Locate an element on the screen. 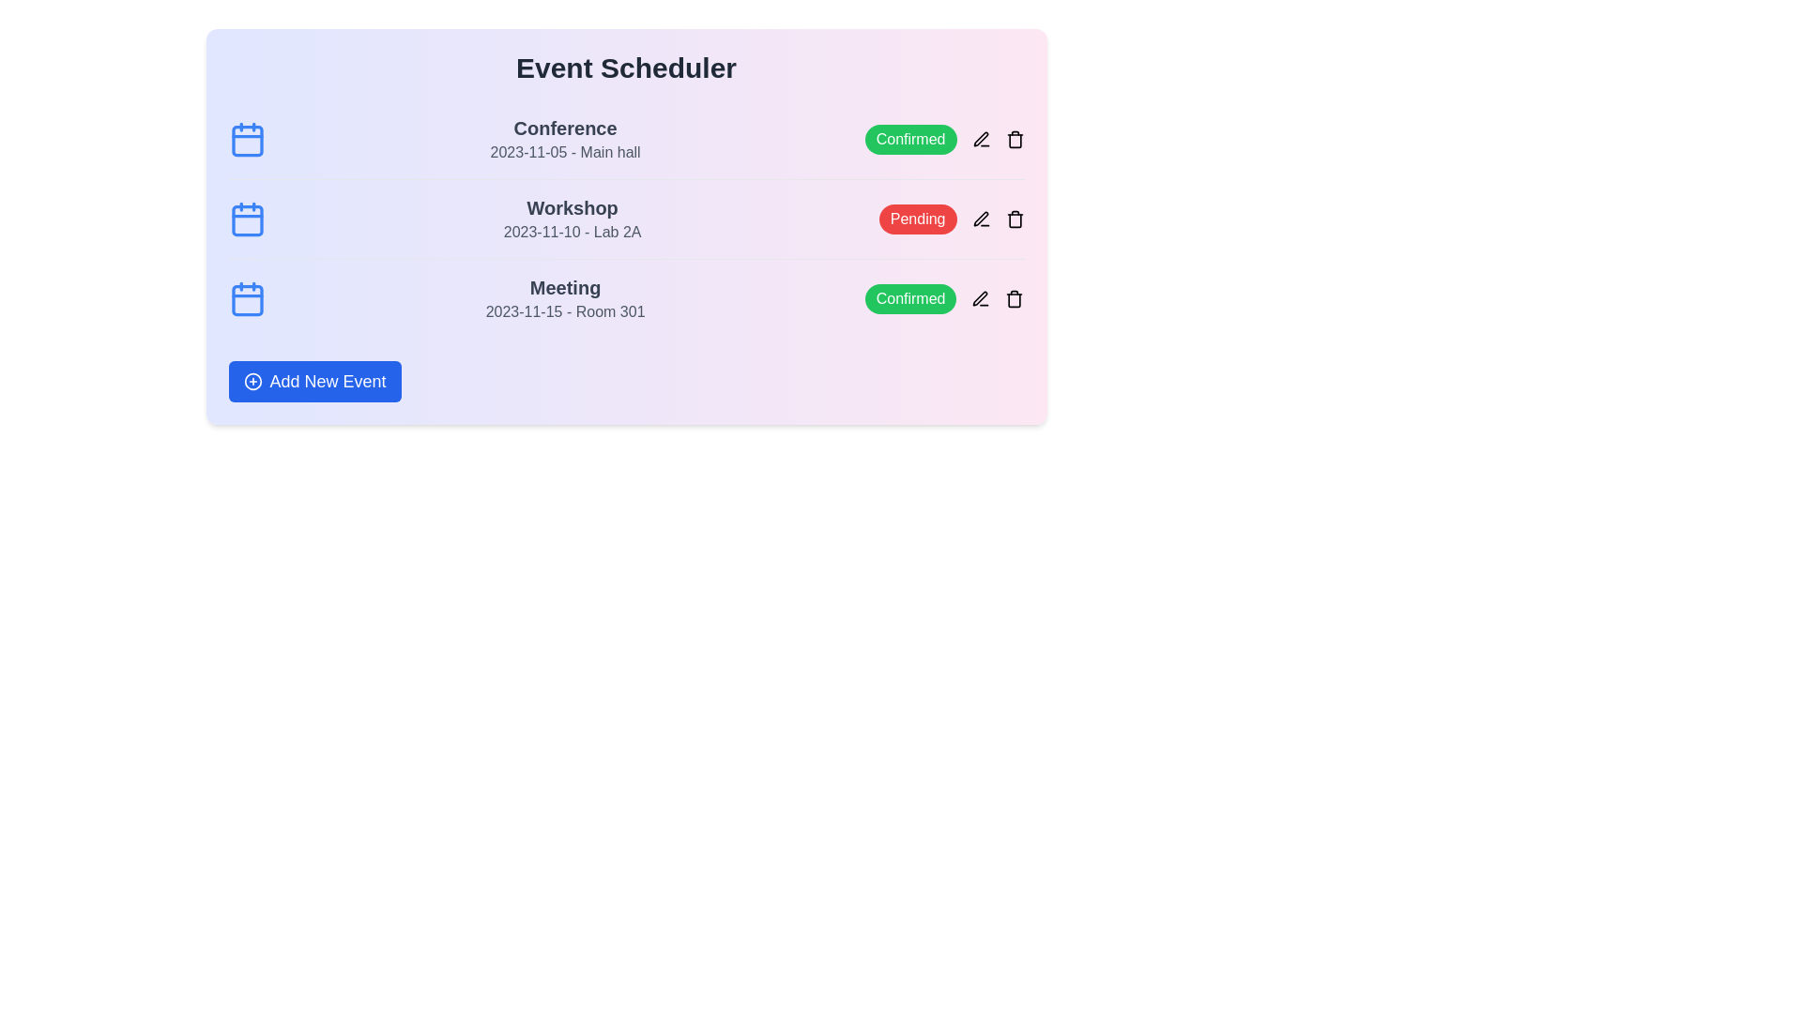 The height and width of the screenshot is (1013, 1802). the blue calendar icon located at the leftmost side of the 'Meeting' row, which features a rectangular frame and resembles a calendar page is located at coordinates (246, 298).